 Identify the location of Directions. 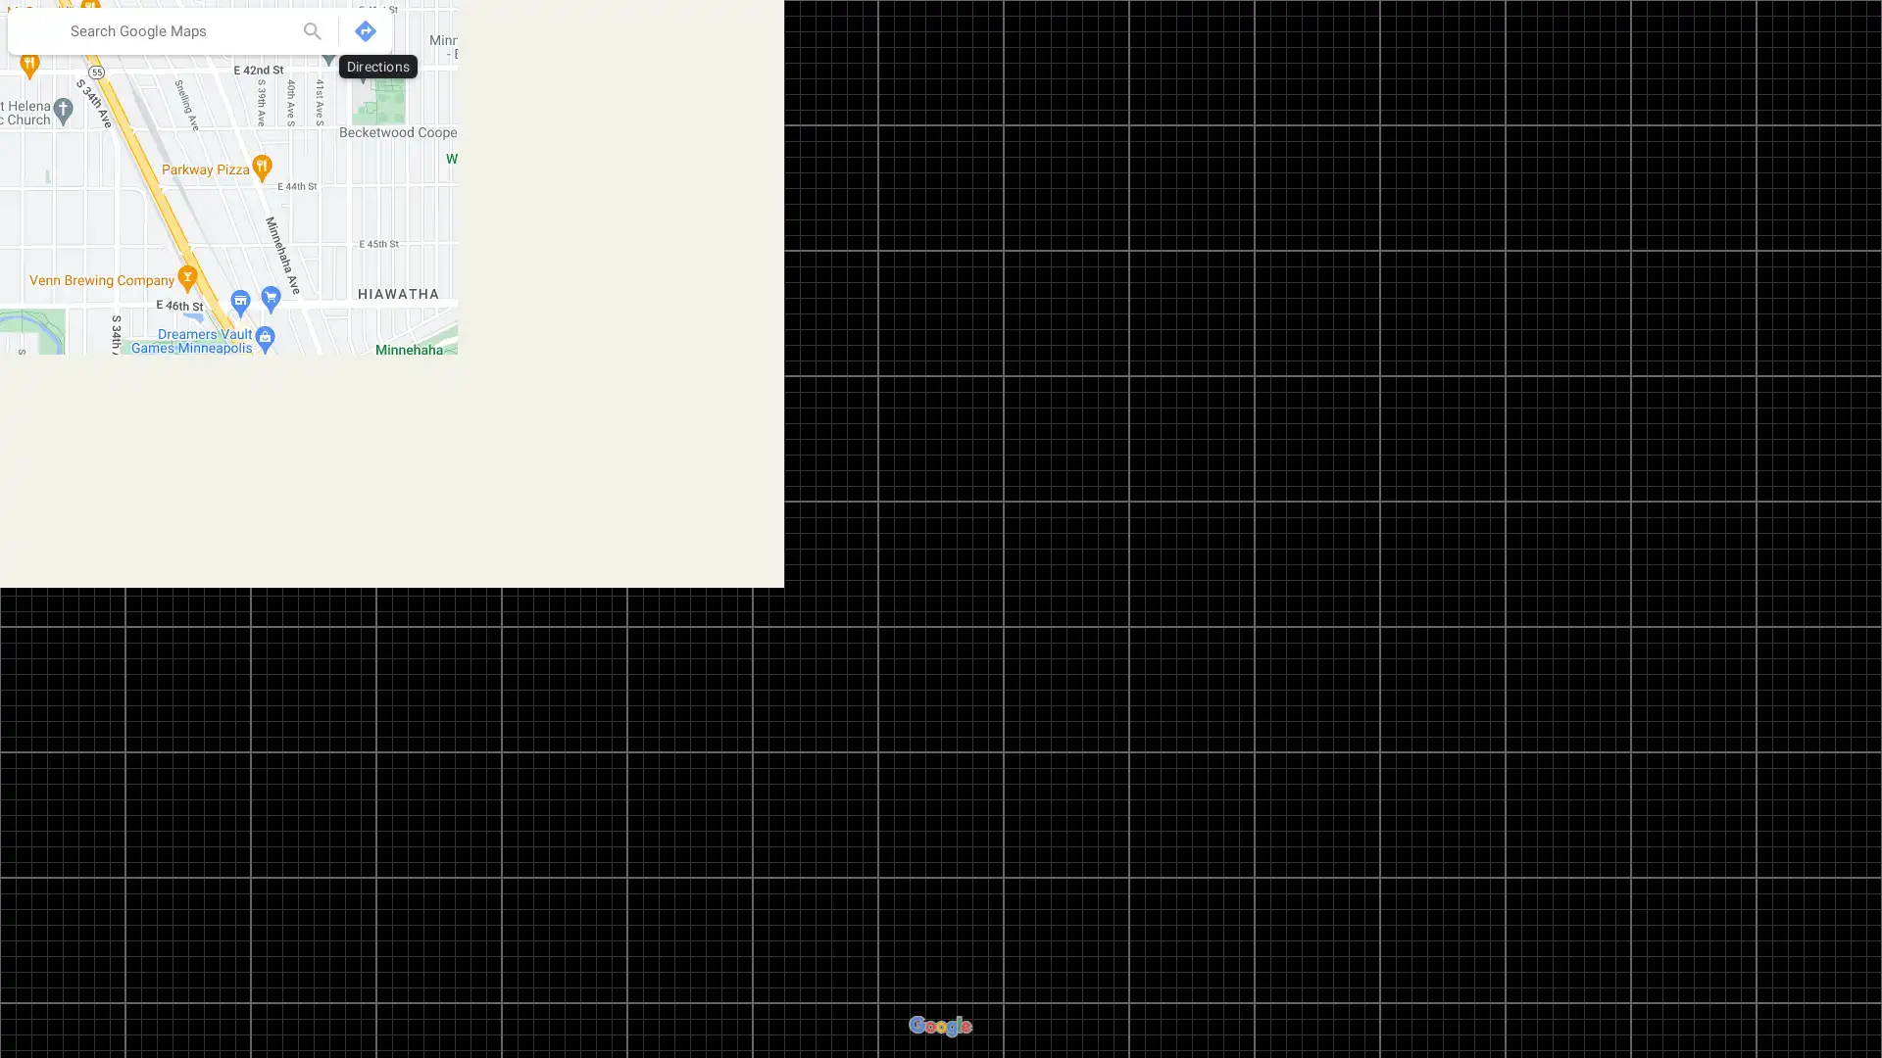
(366, 30).